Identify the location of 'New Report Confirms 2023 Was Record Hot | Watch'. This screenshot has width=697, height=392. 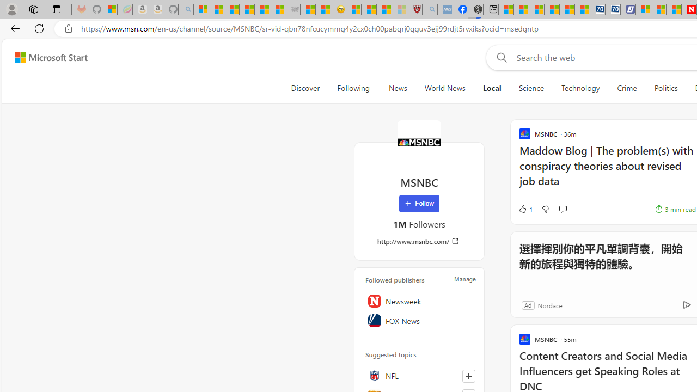
(262, 9).